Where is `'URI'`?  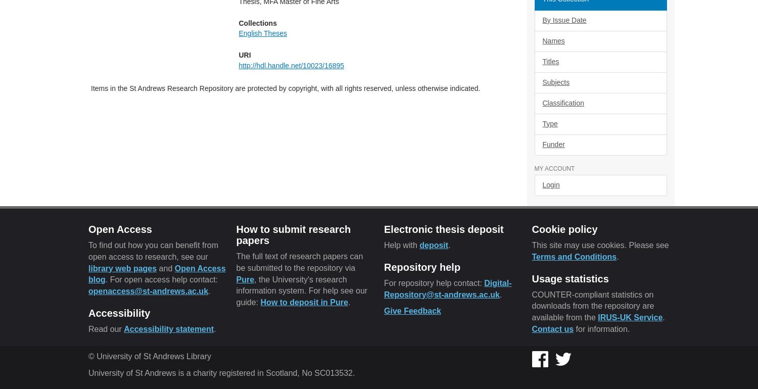
'URI' is located at coordinates (244, 55).